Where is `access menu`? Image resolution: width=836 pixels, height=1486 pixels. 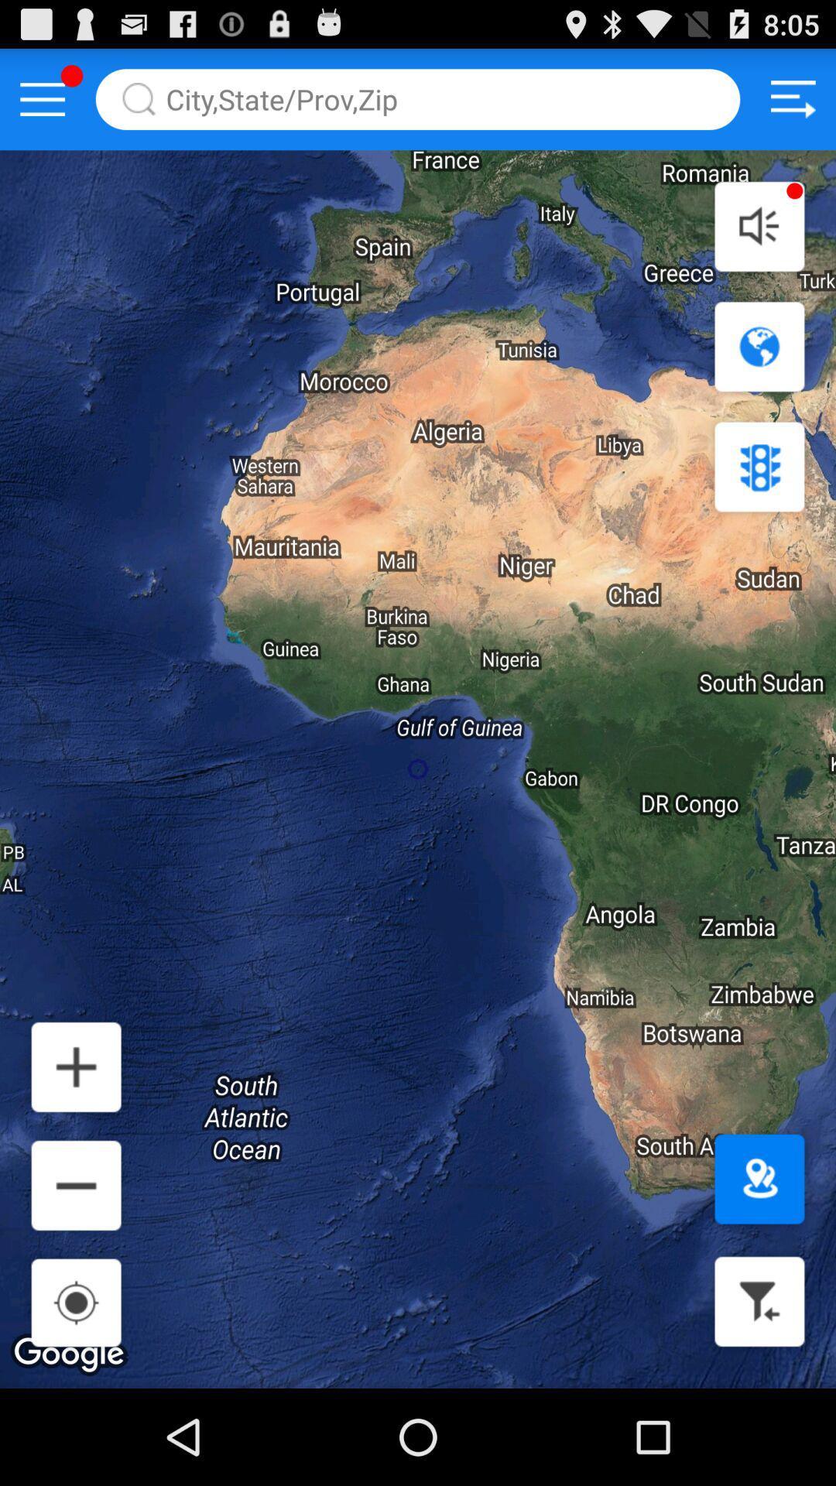 access menu is located at coordinates (42, 98).